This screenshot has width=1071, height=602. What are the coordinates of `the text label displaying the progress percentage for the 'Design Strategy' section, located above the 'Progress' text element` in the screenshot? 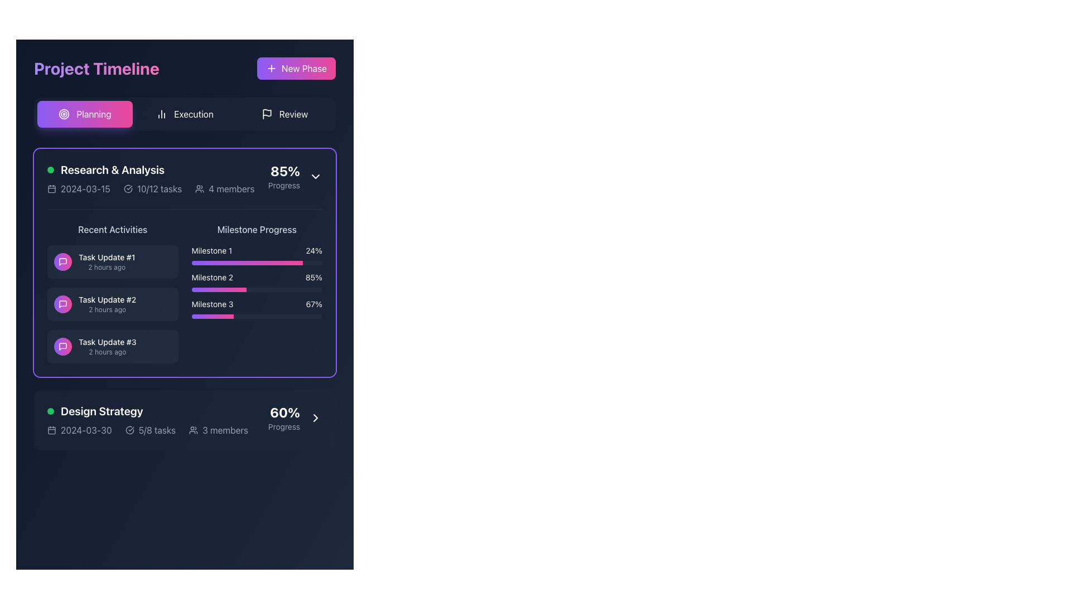 It's located at (285, 412).